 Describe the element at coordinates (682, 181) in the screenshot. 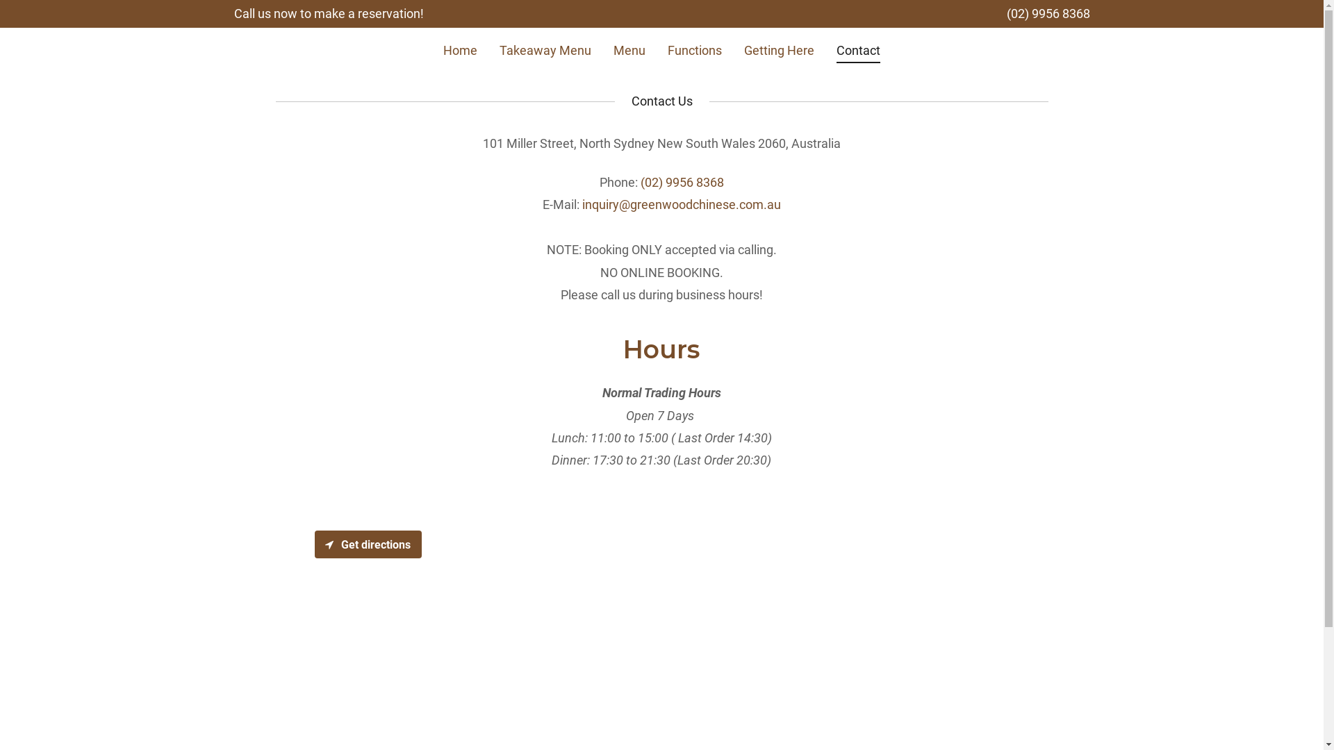

I see `'(02) 9956 8368'` at that location.